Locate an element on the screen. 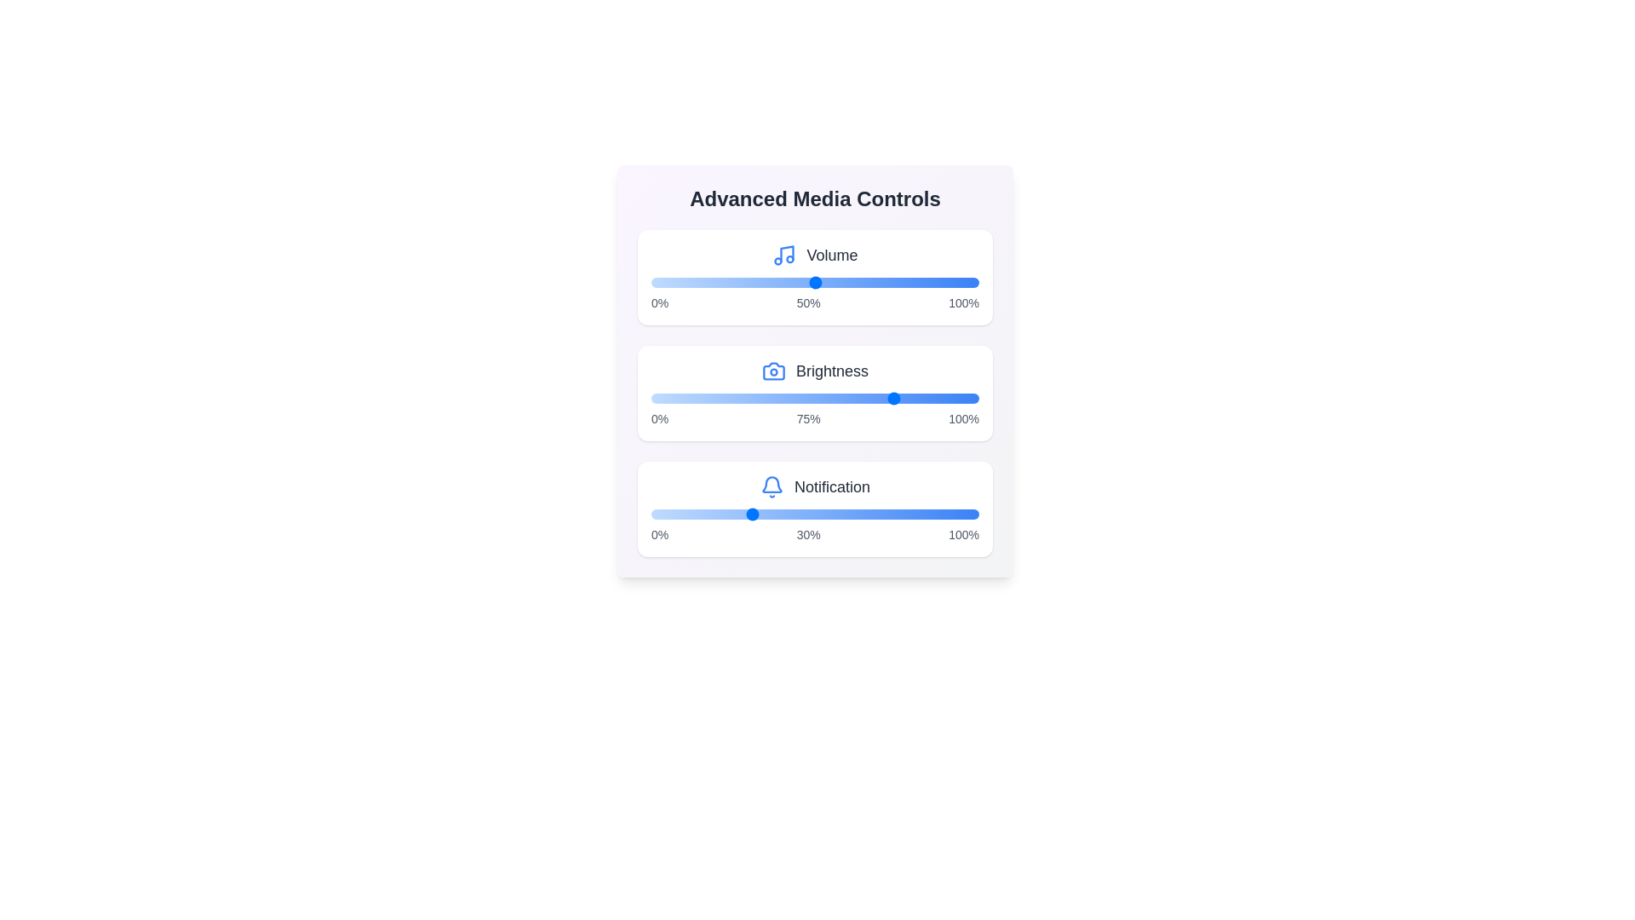  the 0 slider to 51% is located at coordinates (818, 281).